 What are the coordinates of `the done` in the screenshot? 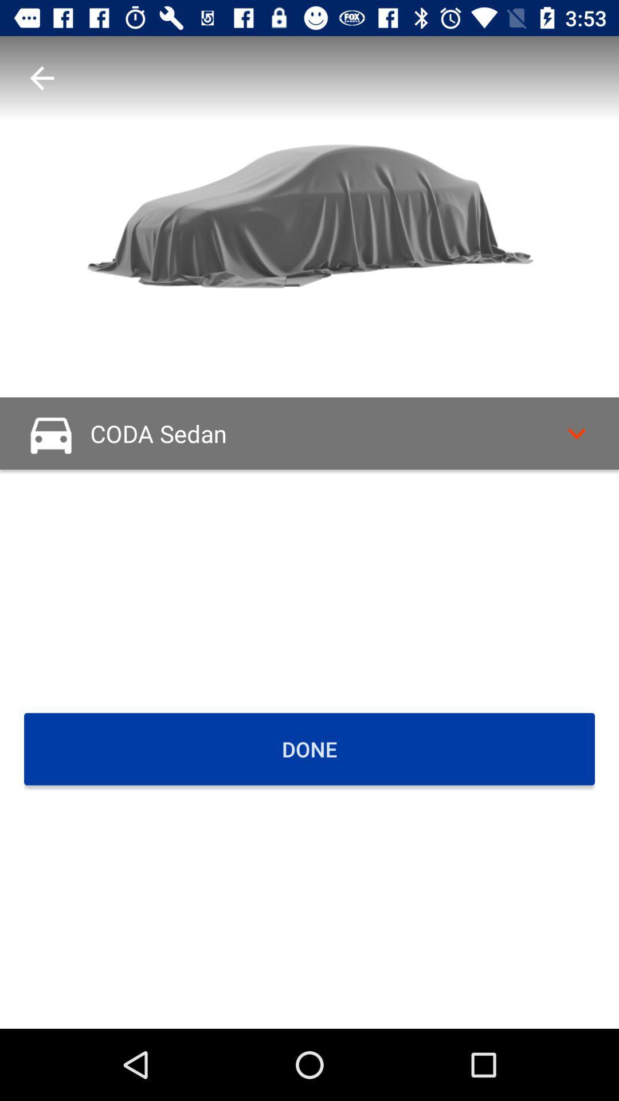 It's located at (309, 749).